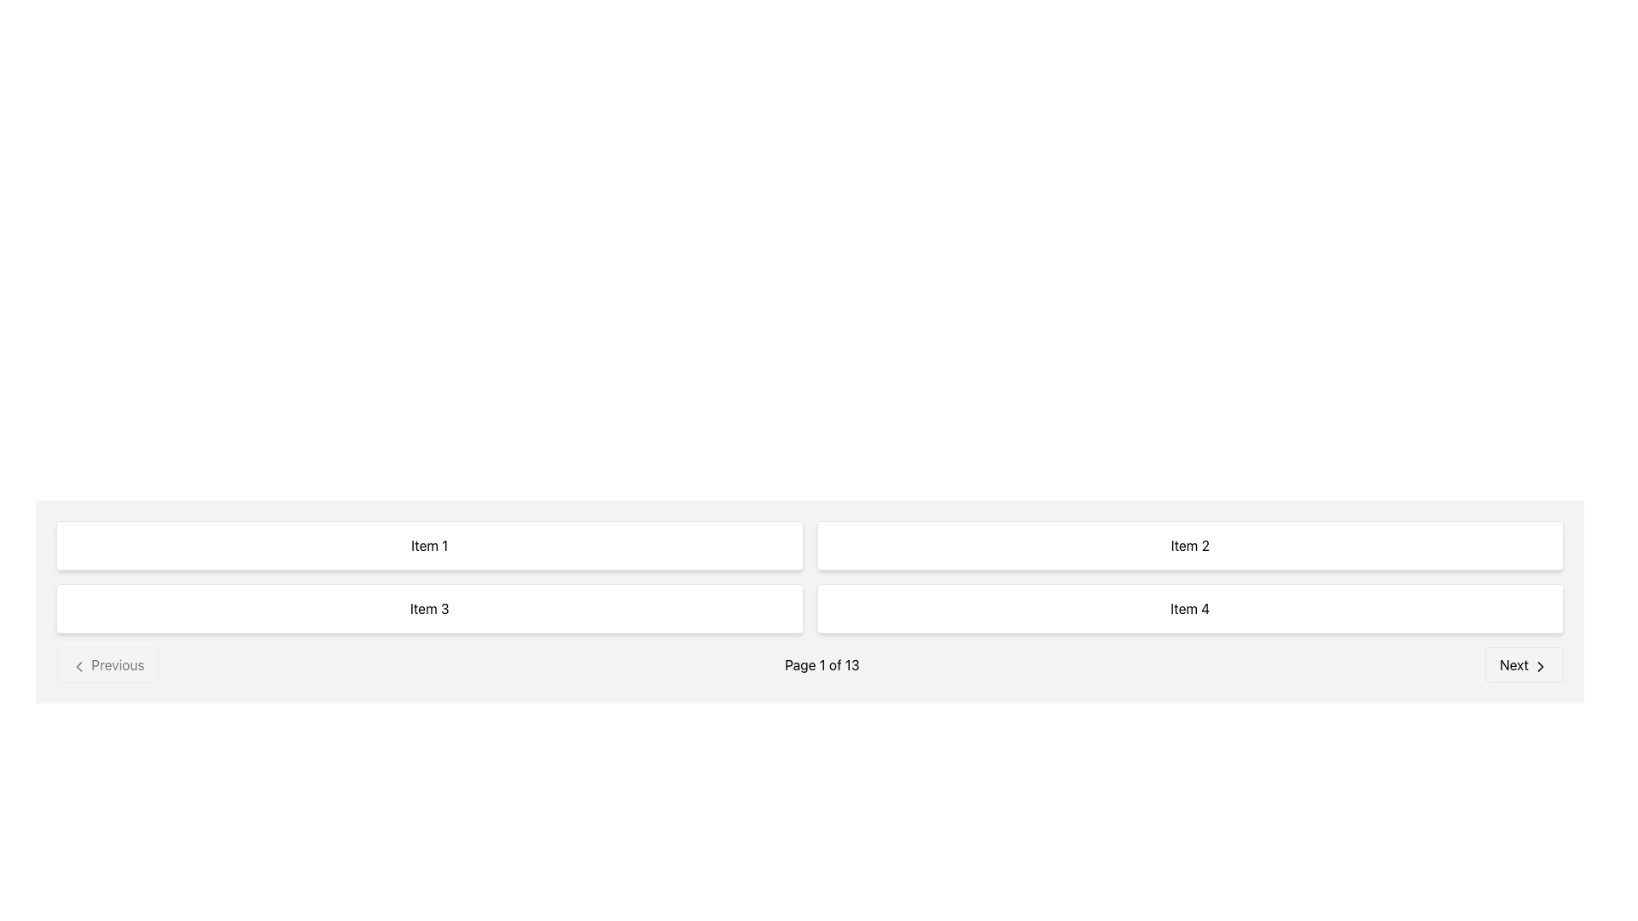  What do you see at coordinates (78, 664) in the screenshot?
I see `the Chevron Left Symbol icon located to the left of the 'Previous' button to activate its navigation function` at bounding box center [78, 664].